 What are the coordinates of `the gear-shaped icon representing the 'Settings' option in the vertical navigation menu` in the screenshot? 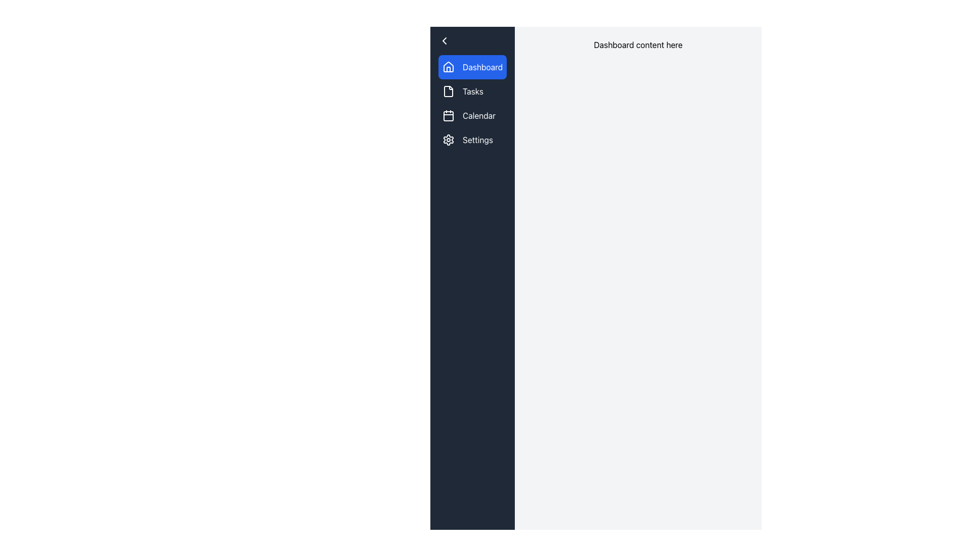 It's located at (448, 140).